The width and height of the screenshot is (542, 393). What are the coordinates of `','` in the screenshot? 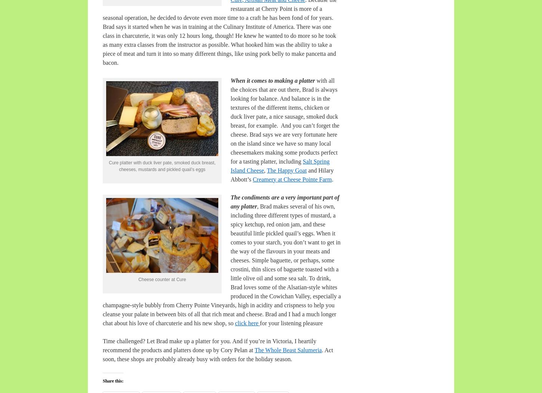 It's located at (265, 170).